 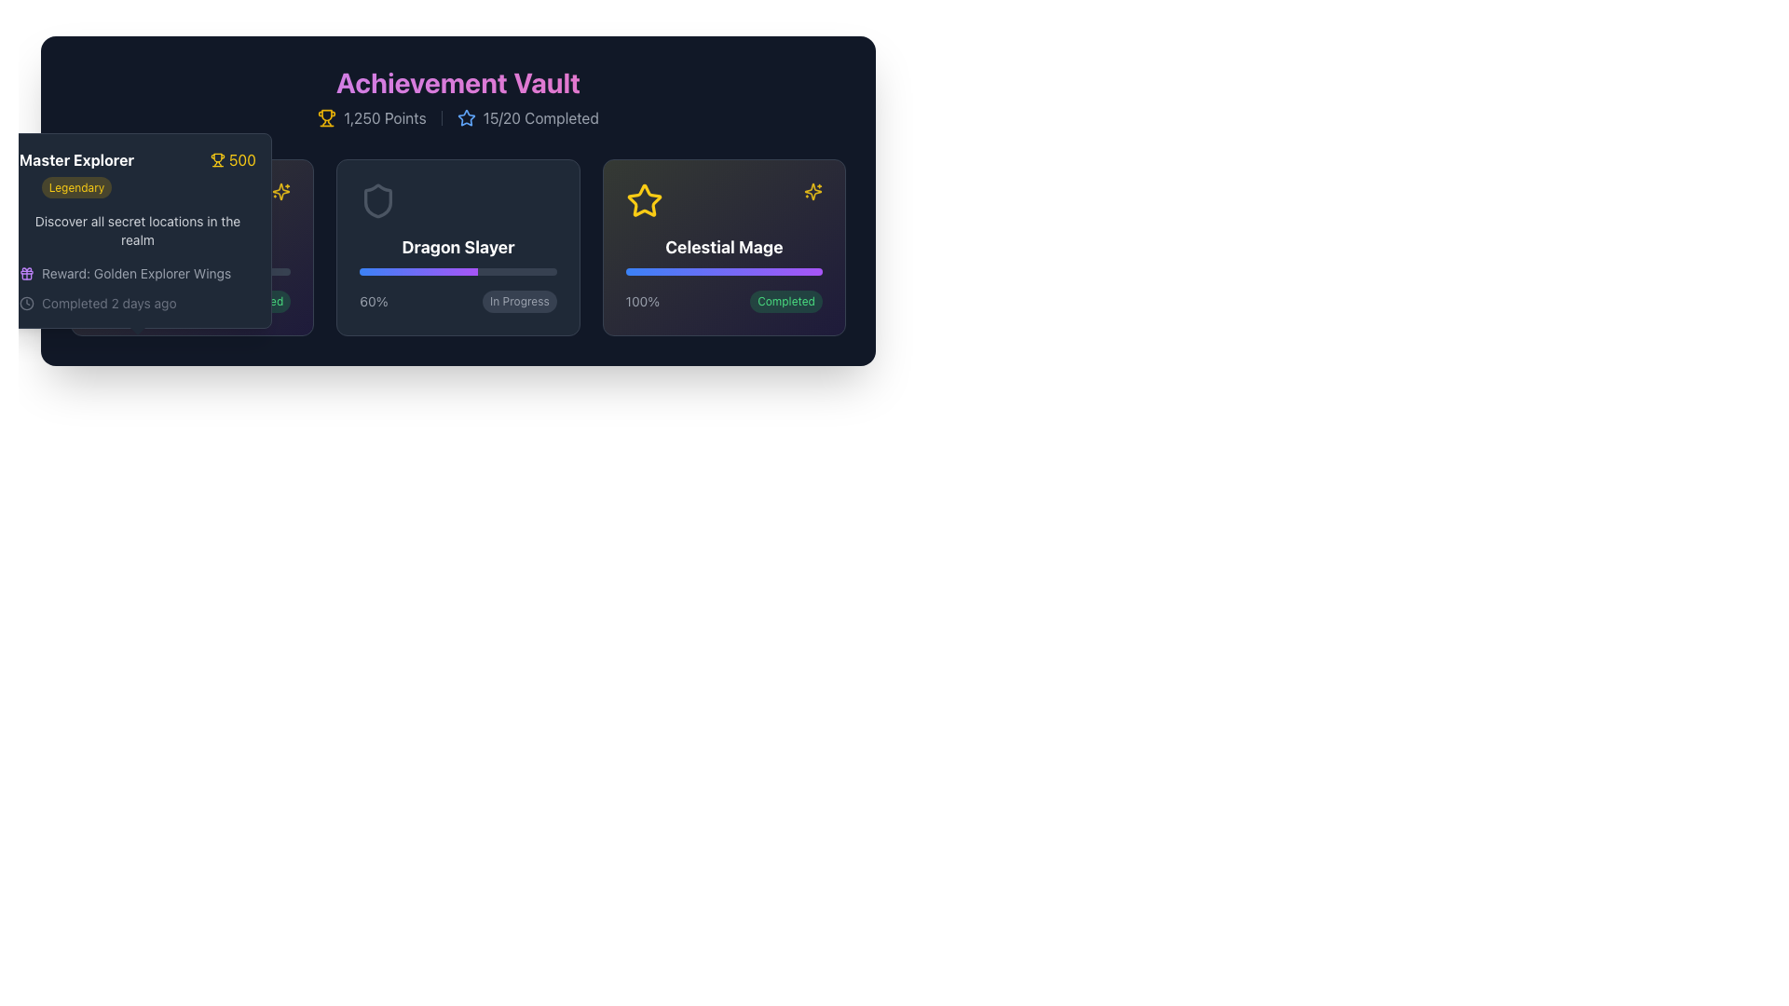 I want to click on the small triangular decorative graphic element located at the bottom center of the 'Master Explorer' achievement card, so click(x=137, y=333).